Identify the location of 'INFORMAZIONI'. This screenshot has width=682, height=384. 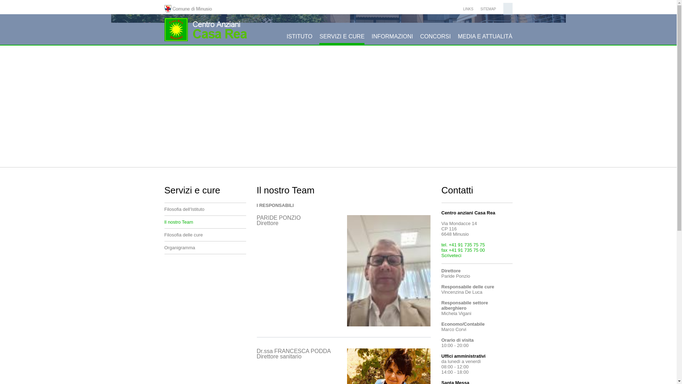
(392, 39).